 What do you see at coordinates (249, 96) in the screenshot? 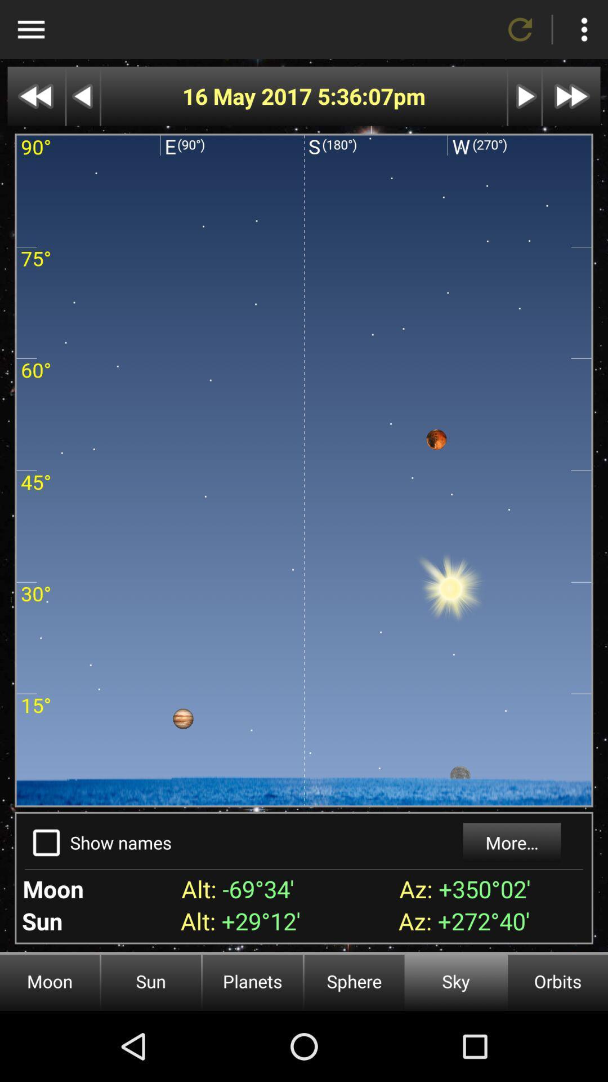
I see `app to the left of the 5:36:07 app` at bounding box center [249, 96].